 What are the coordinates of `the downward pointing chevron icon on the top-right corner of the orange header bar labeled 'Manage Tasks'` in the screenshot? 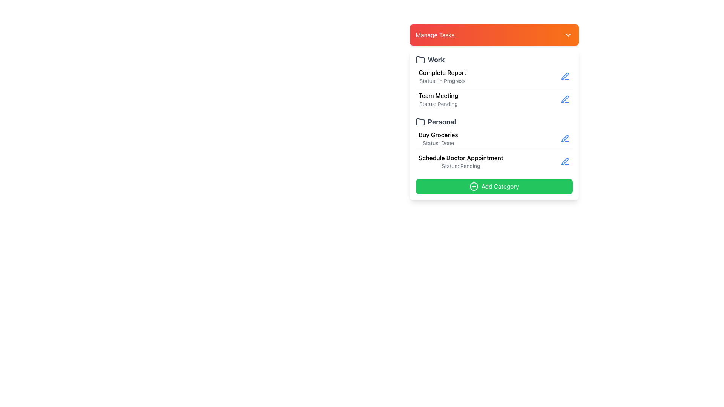 It's located at (568, 35).